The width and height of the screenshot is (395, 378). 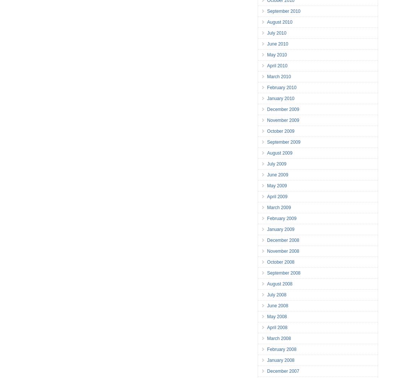 What do you see at coordinates (267, 207) in the screenshot?
I see `'March 2009'` at bounding box center [267, 207].